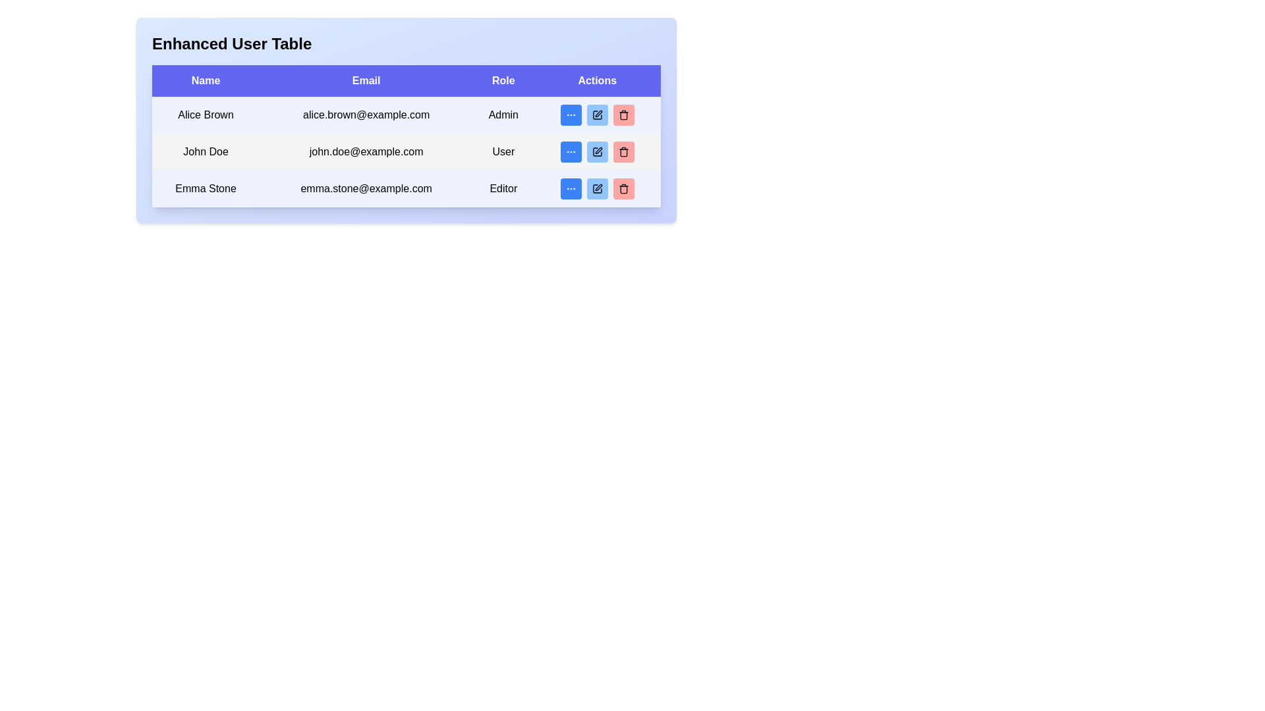  Describe the element at coordinates (596, 188) in the screenshot. I see `the light blue button with a pen icon in the Actions column associated with 'Emma Stone'` at that location.